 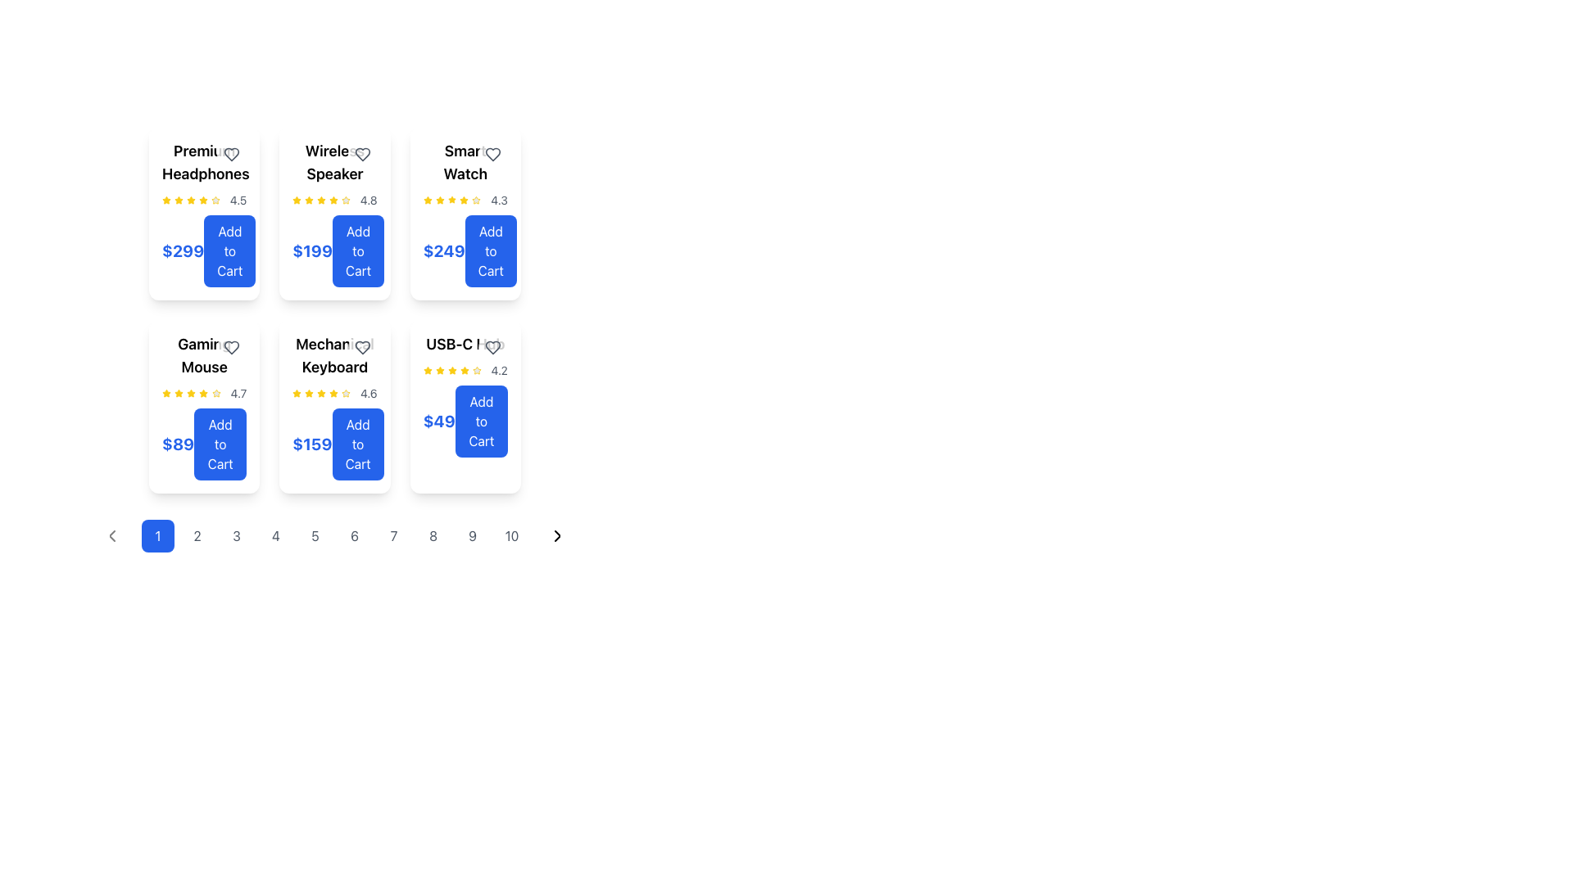 I want to click on the sixth star icon representing the rating score for the product 'Gaming Mouse' in the product card layout, so click(x=203, y=394).